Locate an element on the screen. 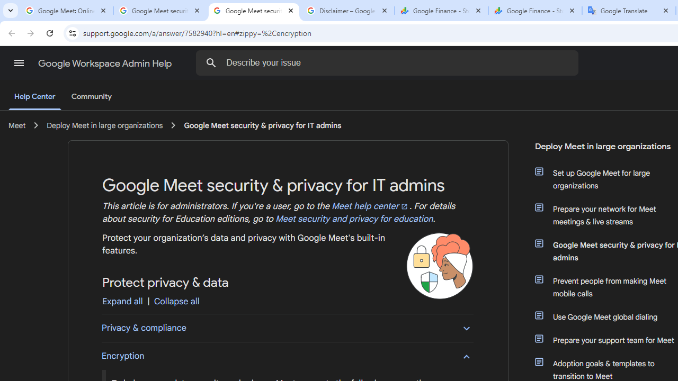 This screenshot has width=678, height=381. 'Google Meet security & privacy for IT admins' is located at coordinates (263, 125).